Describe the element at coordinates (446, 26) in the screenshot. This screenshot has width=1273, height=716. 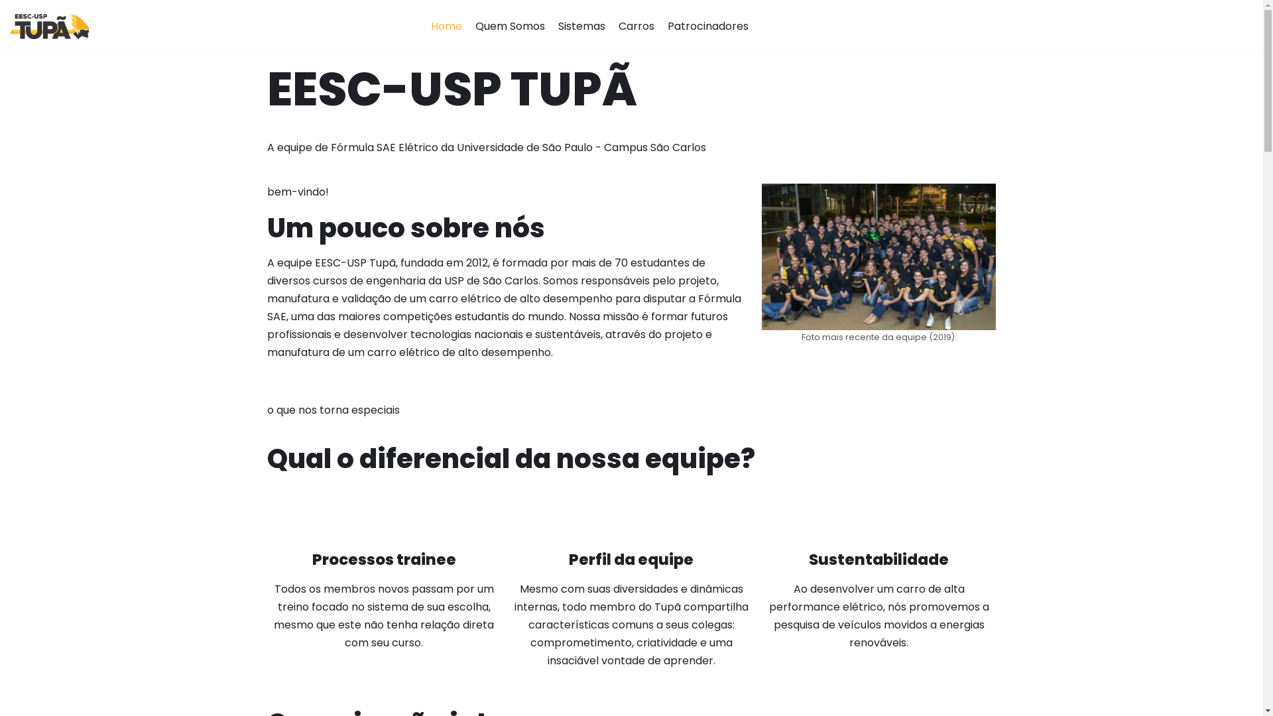
I see `'Home'` at that location.